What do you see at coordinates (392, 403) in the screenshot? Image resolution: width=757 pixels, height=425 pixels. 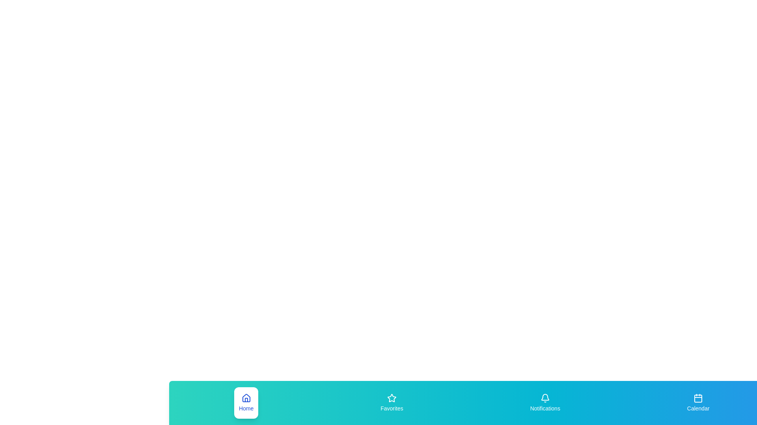 I see `the Favorites button to inspect its tooltip` at bounding box center [392, 403].